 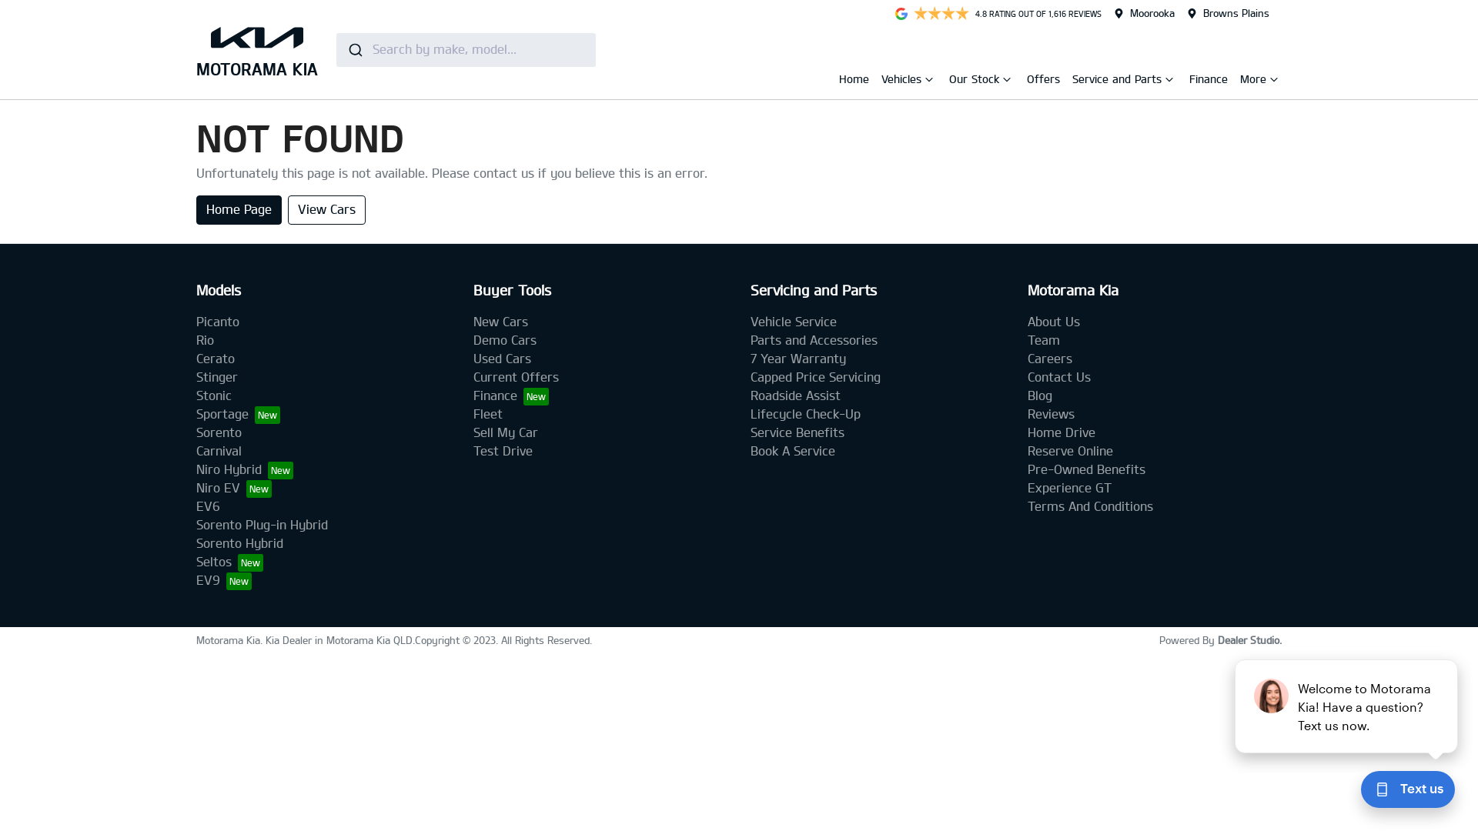 I want to click on 'Reserve Online', so click(x=1027, y=450).